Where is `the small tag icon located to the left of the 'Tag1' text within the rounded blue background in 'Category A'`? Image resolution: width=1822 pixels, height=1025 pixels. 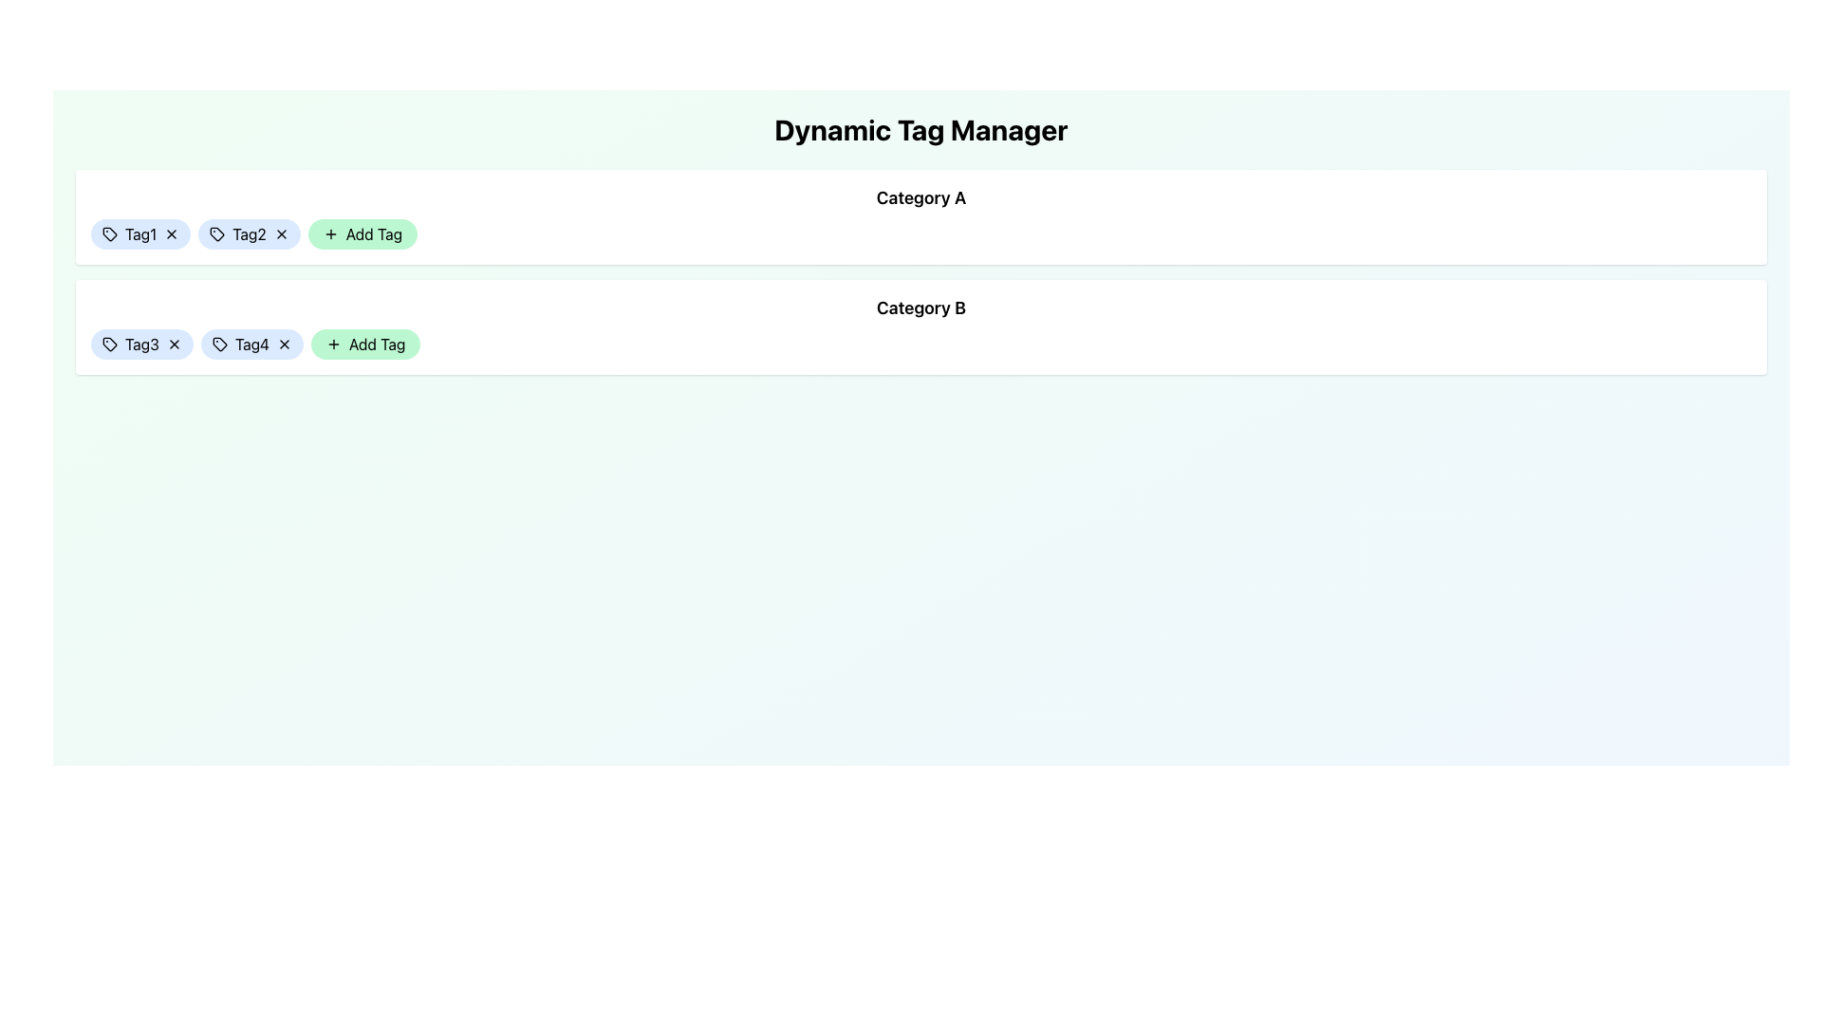 the small tag icon located to the left of the 'Tag1' text within the rounded blue background in 'Category A' is located at coordinates (108, 233).